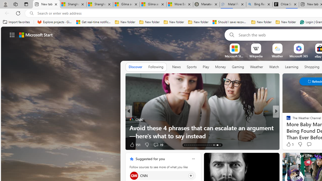  I want to click on 'Dislike', so click(300, 144).